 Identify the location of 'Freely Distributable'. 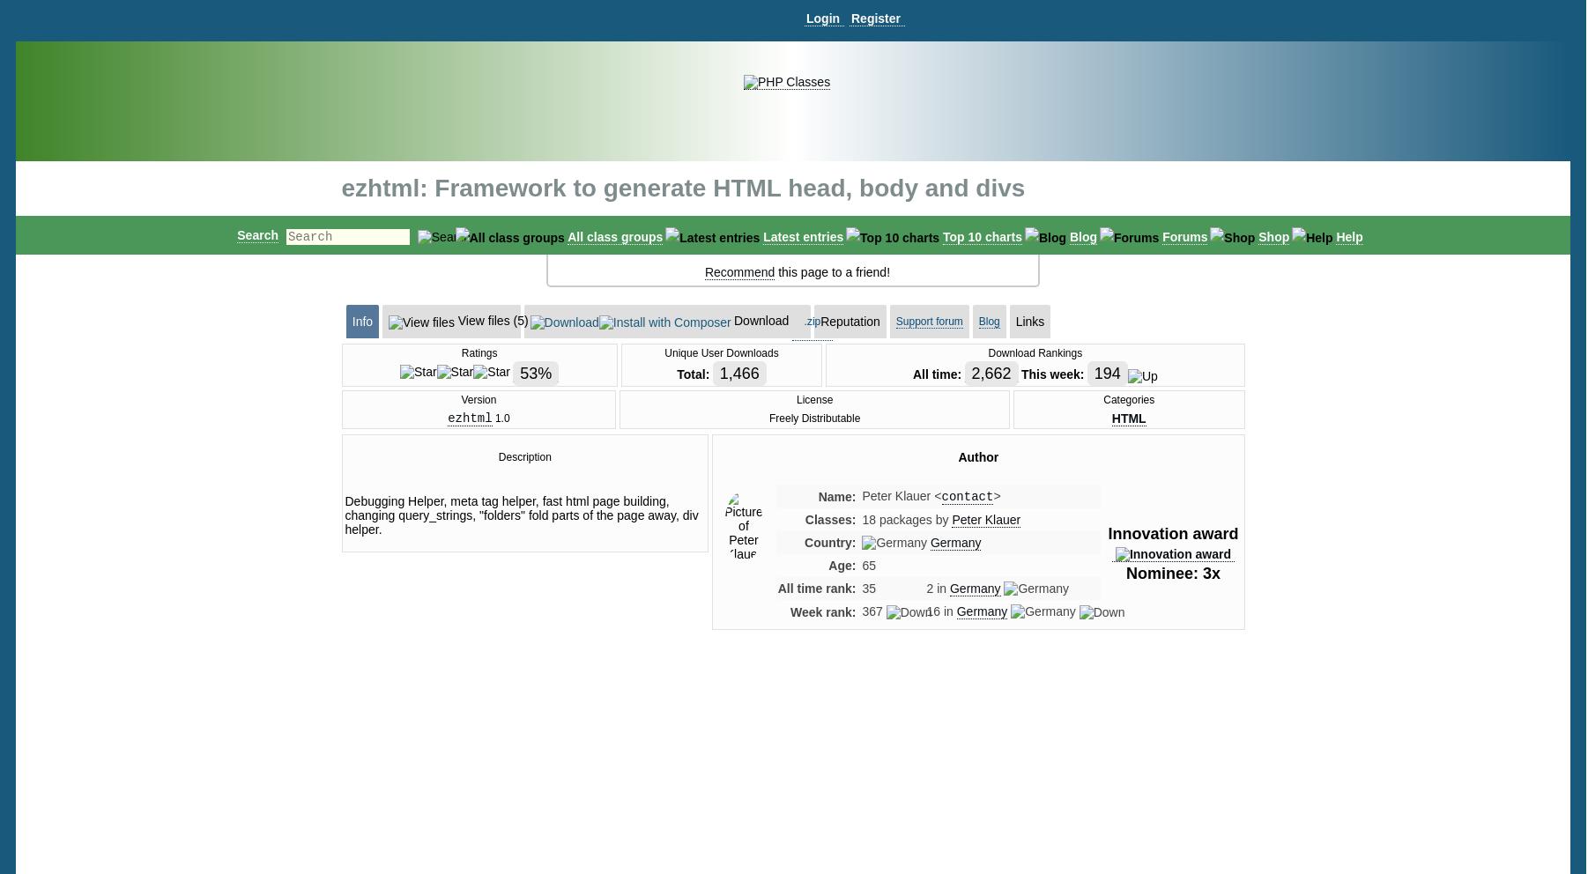
(813, 418).